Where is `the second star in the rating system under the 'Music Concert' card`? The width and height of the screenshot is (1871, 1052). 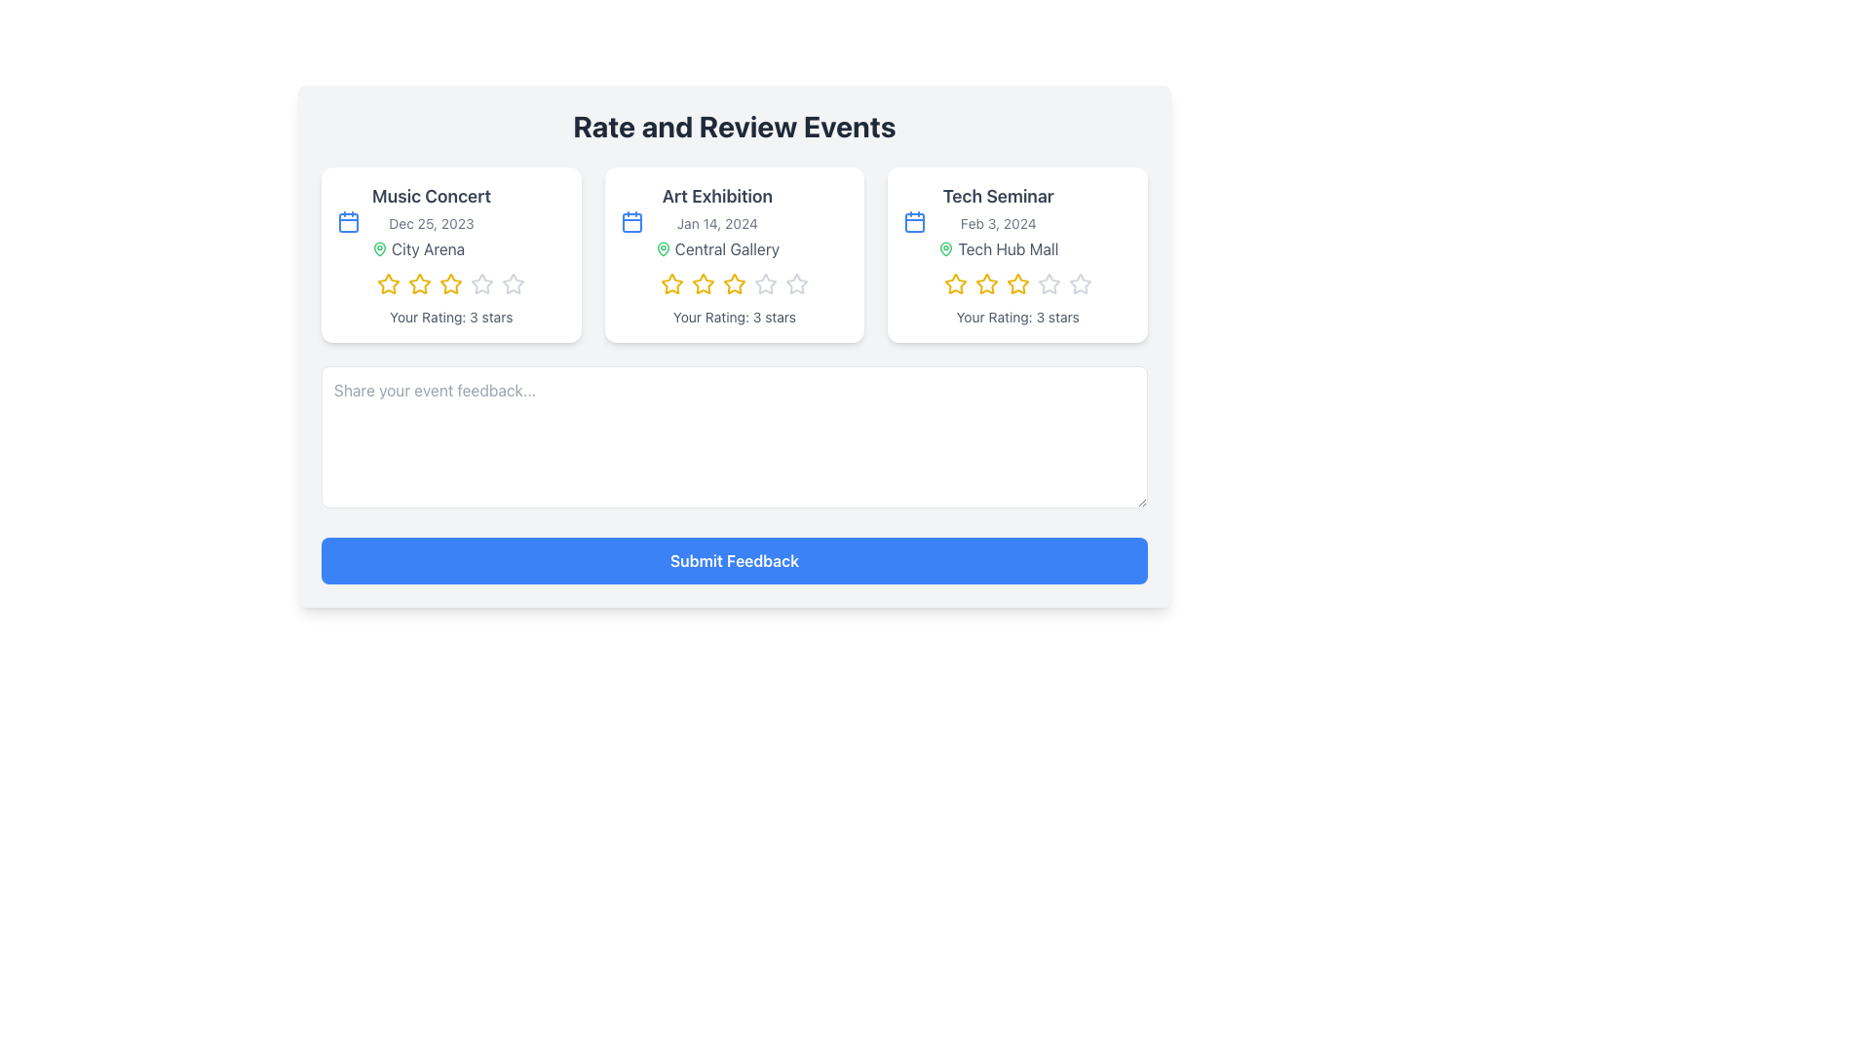 the second star in the rating system under the 'Music Concert' card is located at coordinates (419, 283).